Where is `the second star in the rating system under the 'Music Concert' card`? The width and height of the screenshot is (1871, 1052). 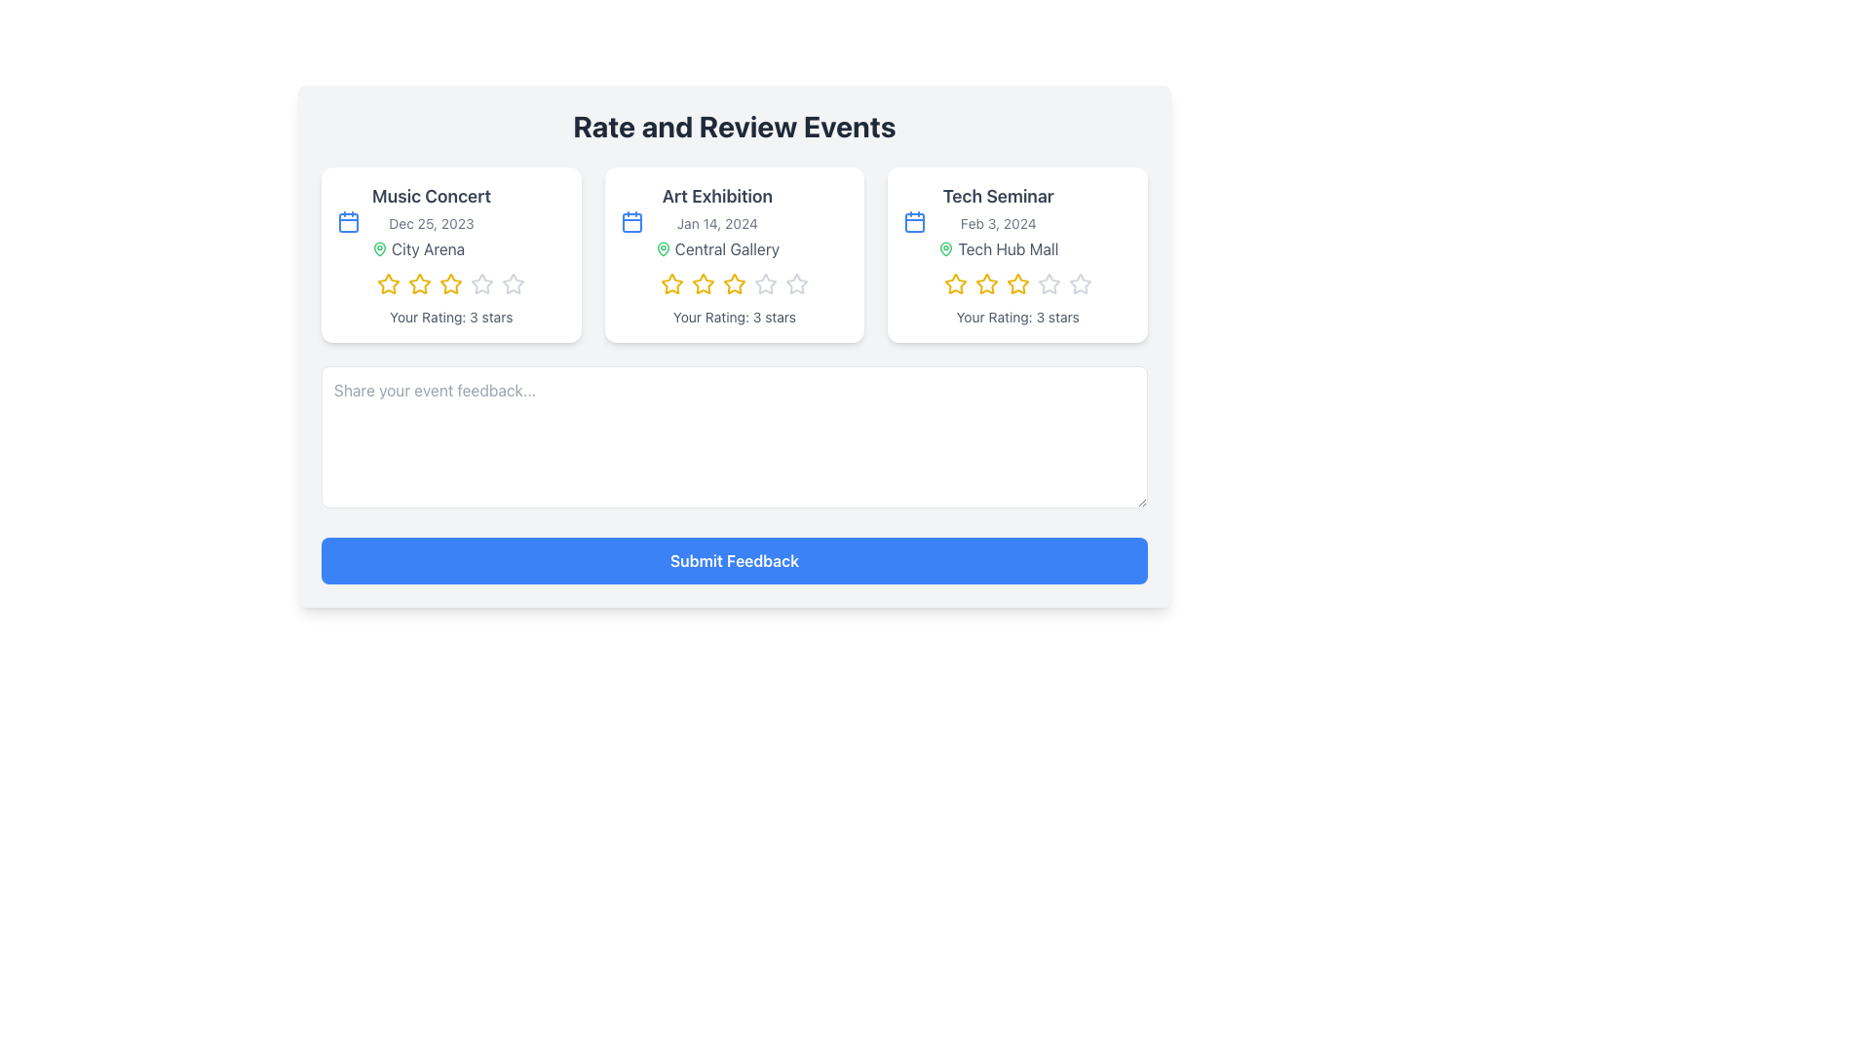 the second star in the rating system under the 'Music Concert' card is located at coordinates (419, 283).